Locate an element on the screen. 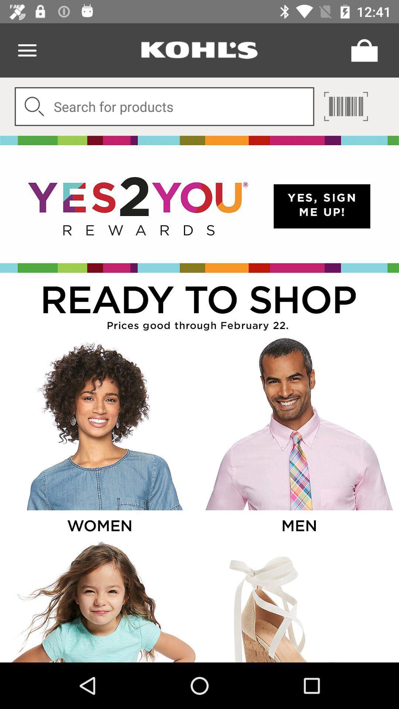 This screenshot has height=709, width=399. shoes products link is located at coordinates (298, 601).